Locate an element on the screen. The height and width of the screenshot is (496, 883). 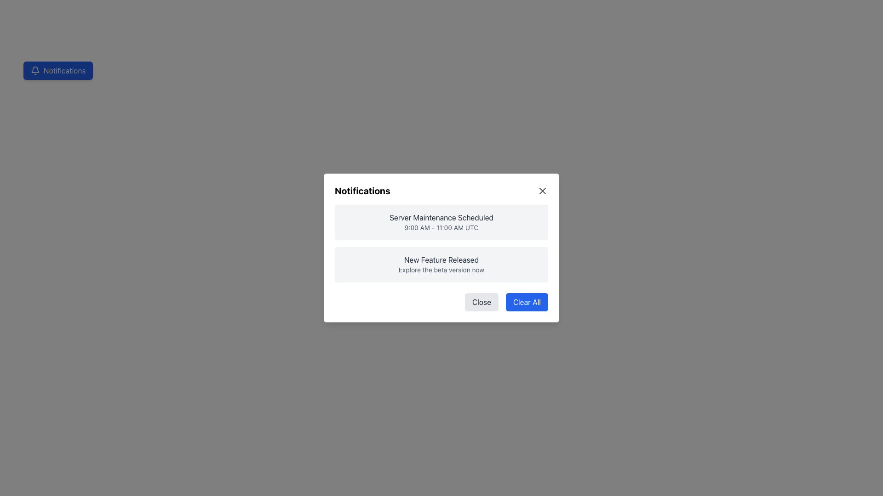
the text label that details the scheduled time for server maintenance, located in the notification card under the title 'Server Maintenance Scheduled' is located at coordinates (441, 227).